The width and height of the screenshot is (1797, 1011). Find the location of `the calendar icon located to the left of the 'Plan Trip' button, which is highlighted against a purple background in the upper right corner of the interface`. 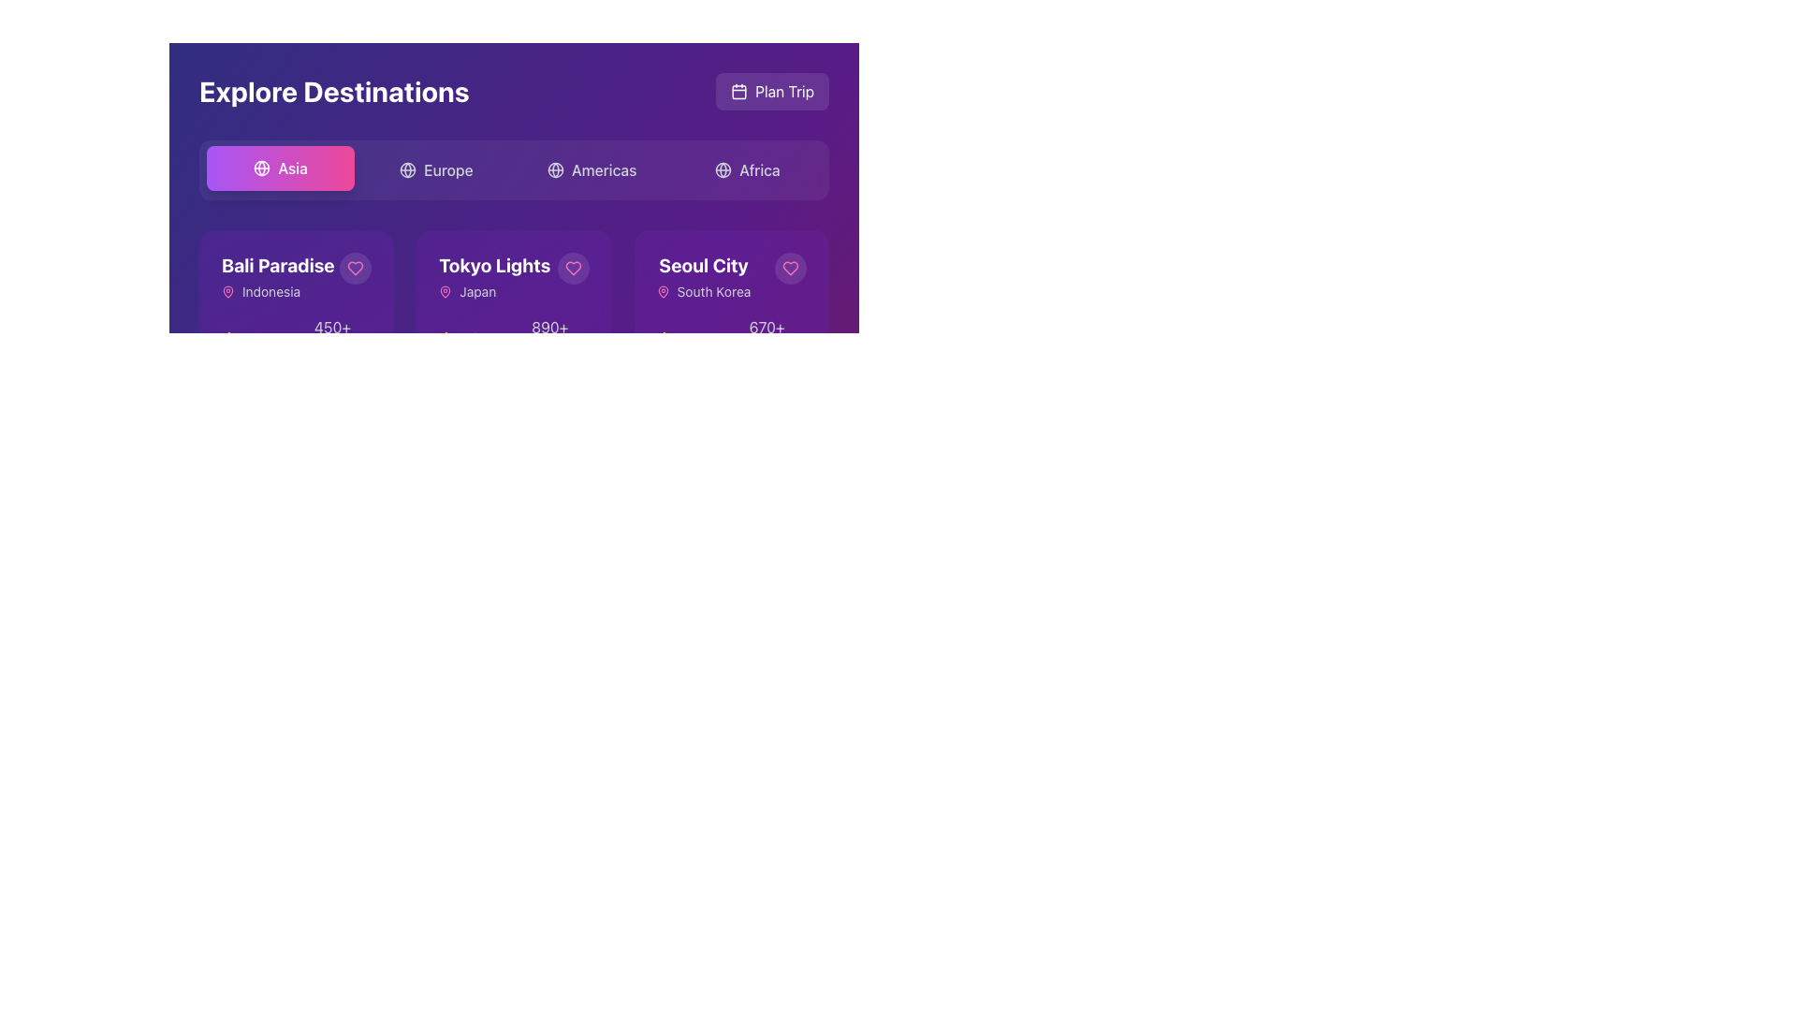

the calendar icon located to the left of the 'Plan Trip' button, which is highlighted against a purple background in the upper right corner of the interface is located at coordinates (738, 91).